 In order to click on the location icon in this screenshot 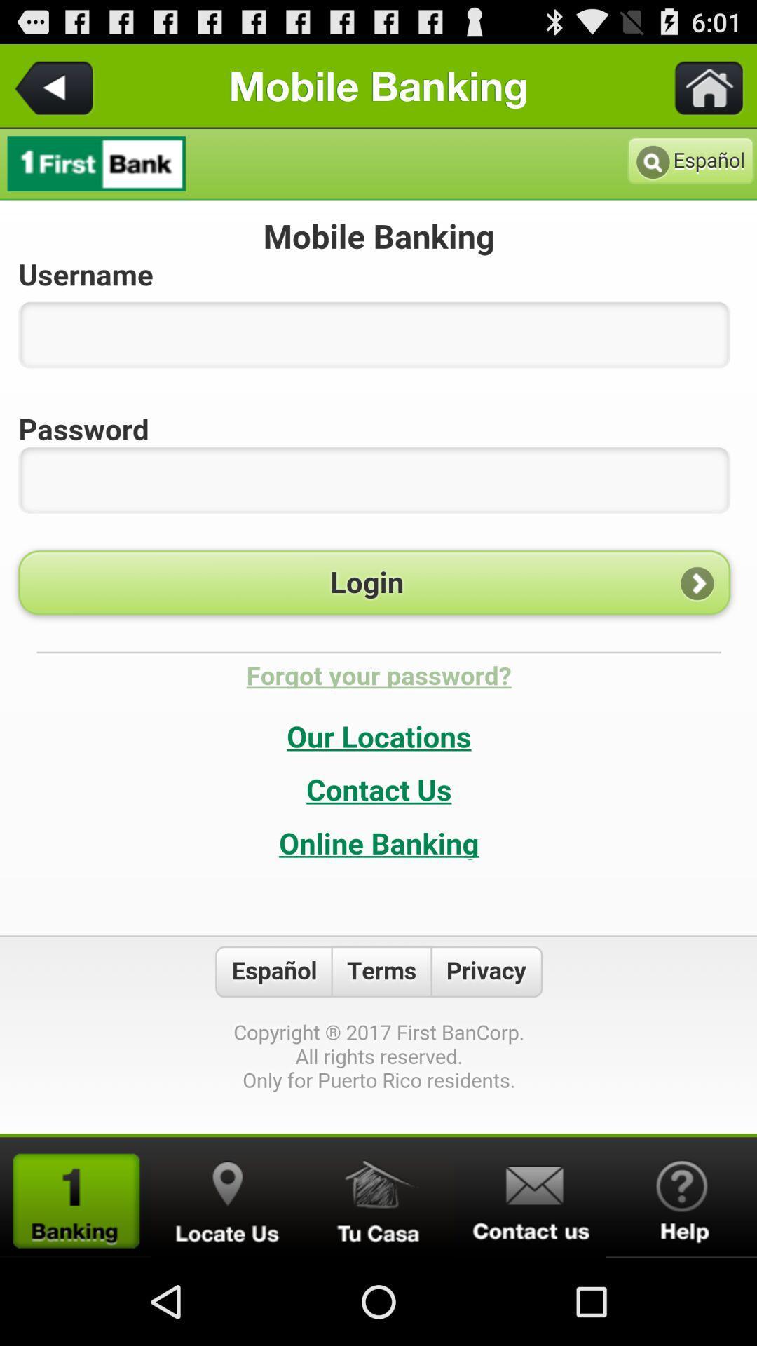, I will do `click(226, 1282)`.